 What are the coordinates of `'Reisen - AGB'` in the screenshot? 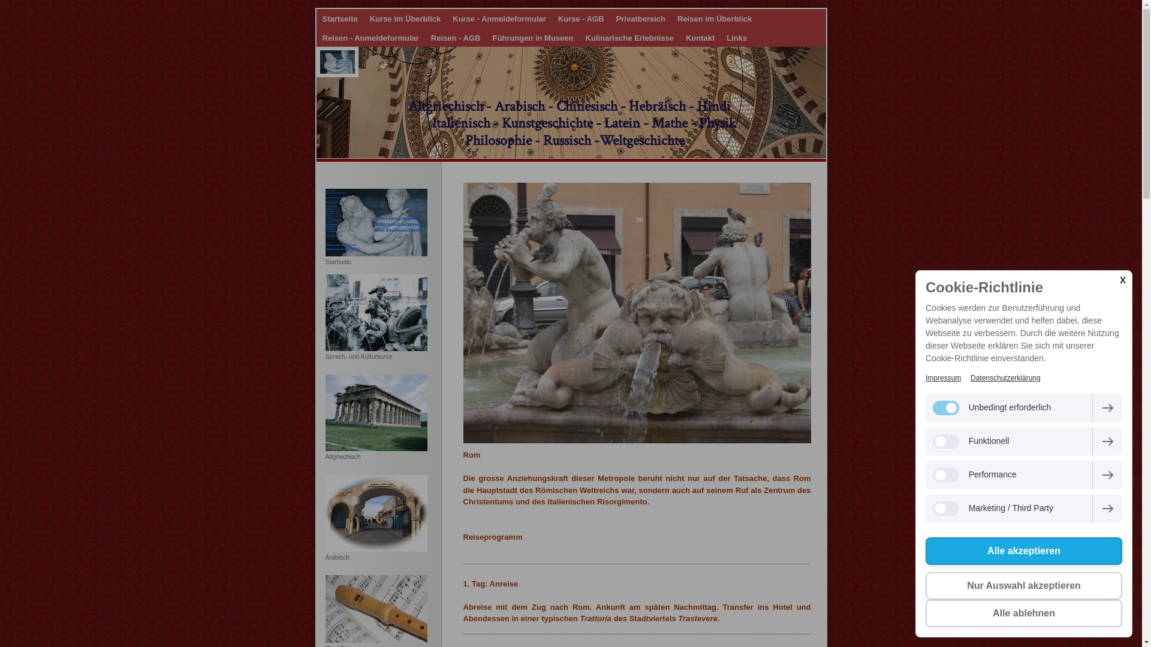 It's located at (455, 37).